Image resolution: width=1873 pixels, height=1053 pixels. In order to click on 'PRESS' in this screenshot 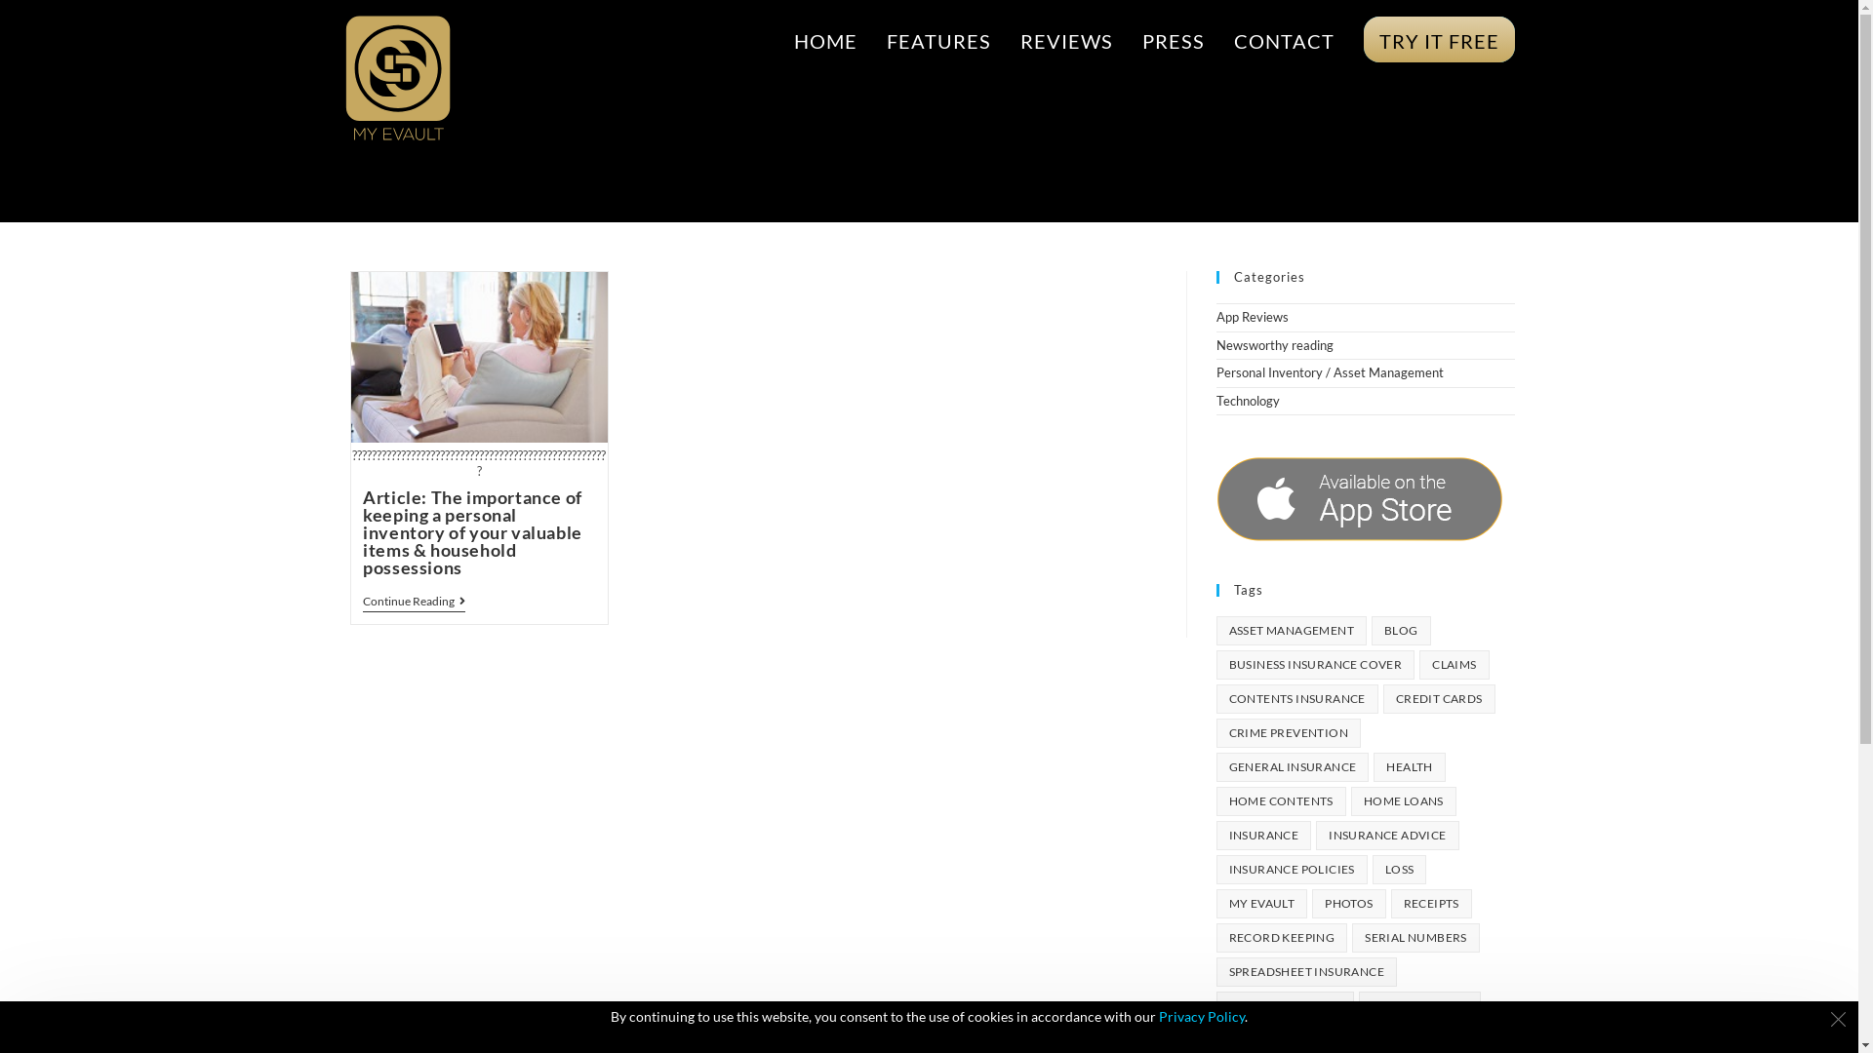, I will do `click(1173, 41)`.